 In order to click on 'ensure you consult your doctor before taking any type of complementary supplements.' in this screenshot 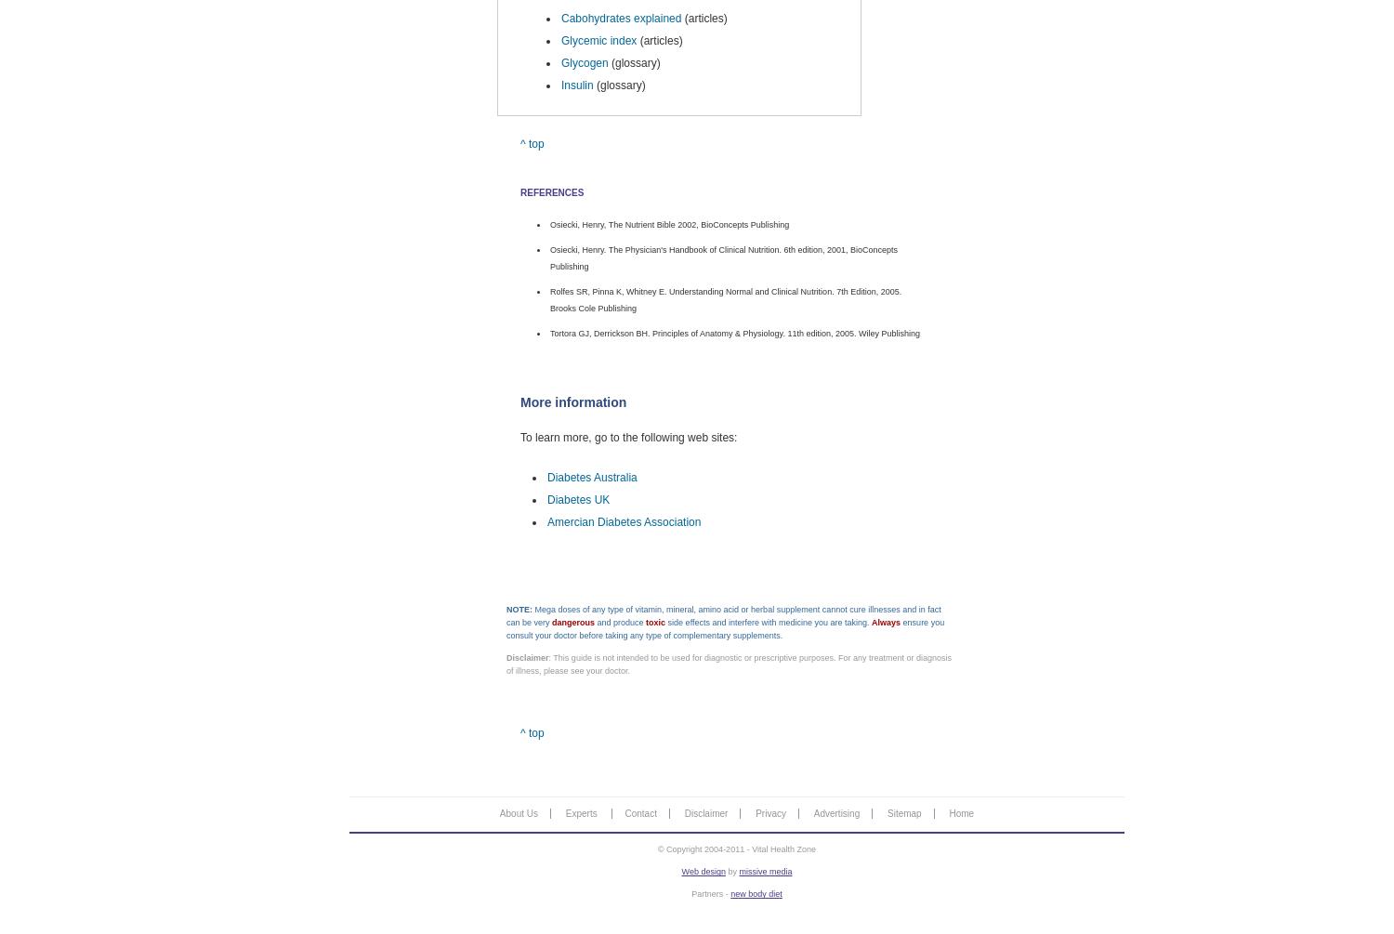, I will do `click(506, 628)`.